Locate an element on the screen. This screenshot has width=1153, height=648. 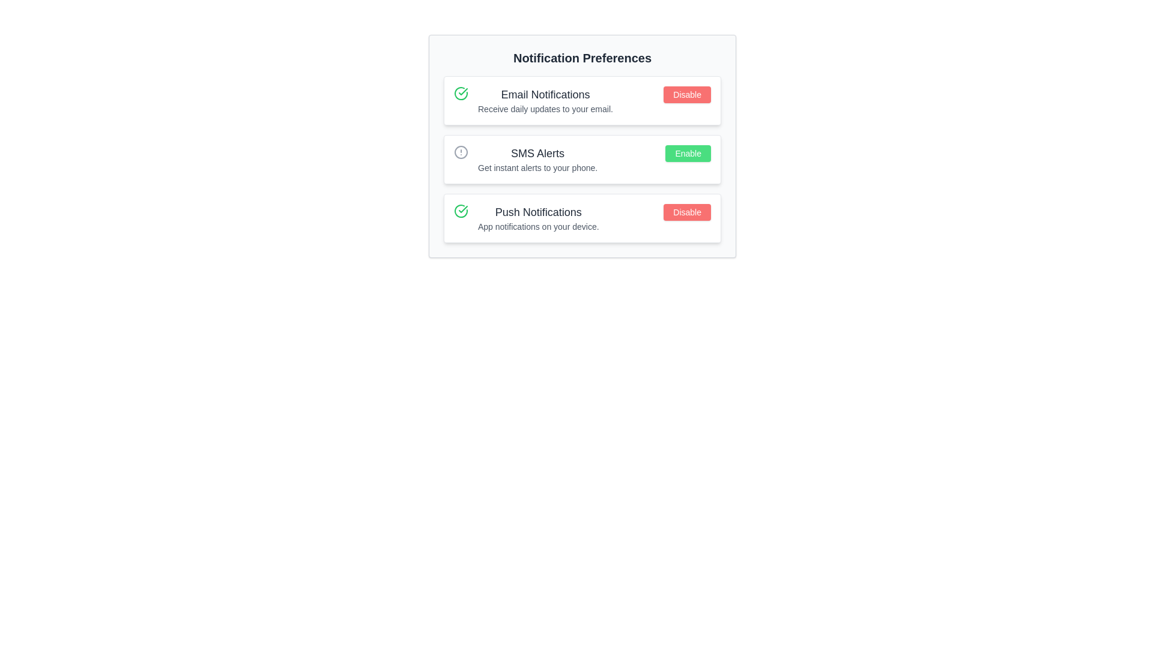
the green 'Enable' button with white text located in the SMS Alerts section of the Notification Preferences panel is located at coordinates (688, 152).